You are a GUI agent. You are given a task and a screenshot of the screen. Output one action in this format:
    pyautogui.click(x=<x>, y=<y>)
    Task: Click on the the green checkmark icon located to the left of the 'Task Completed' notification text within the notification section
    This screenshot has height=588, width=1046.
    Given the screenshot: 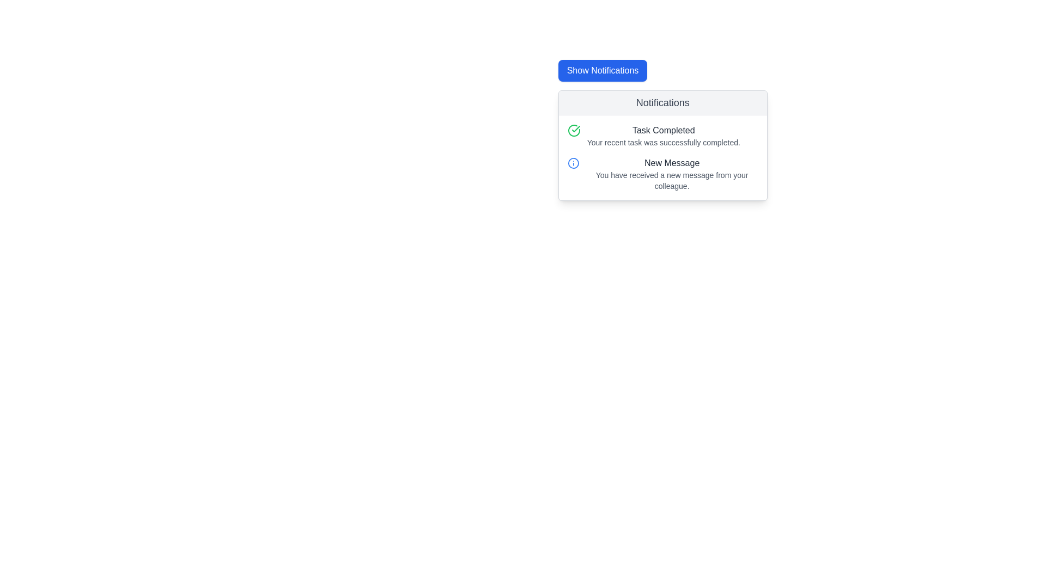 What is the action you would take?
    pyautogui.click(x=575, y=128)
    